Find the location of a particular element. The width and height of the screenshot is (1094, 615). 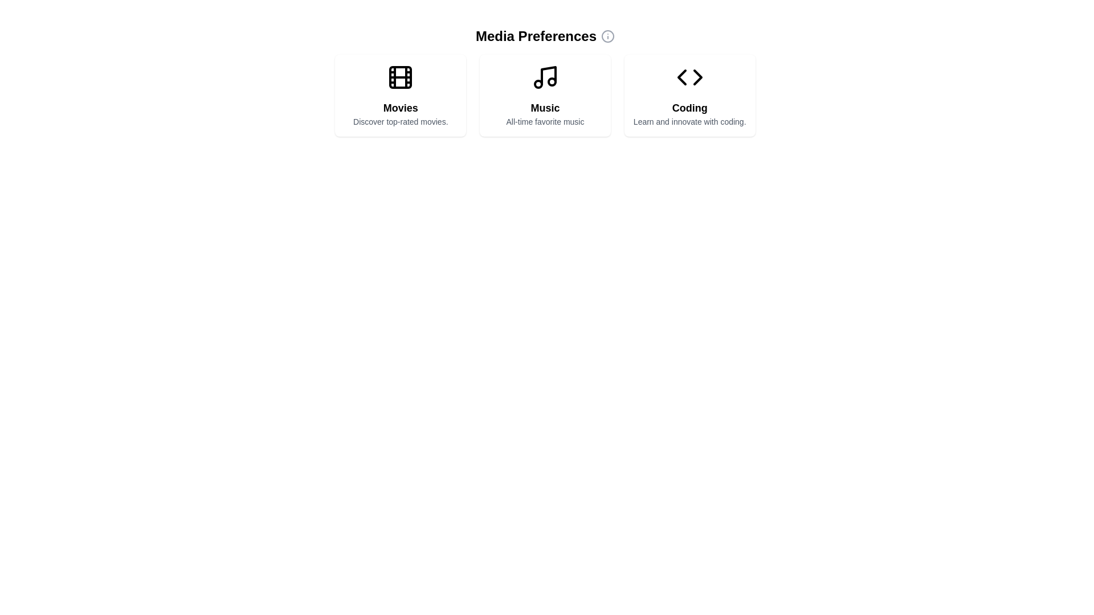

the left-pointing triangular arrow within the Coding card on the right side of the interface is located at coordinates (681, 77).